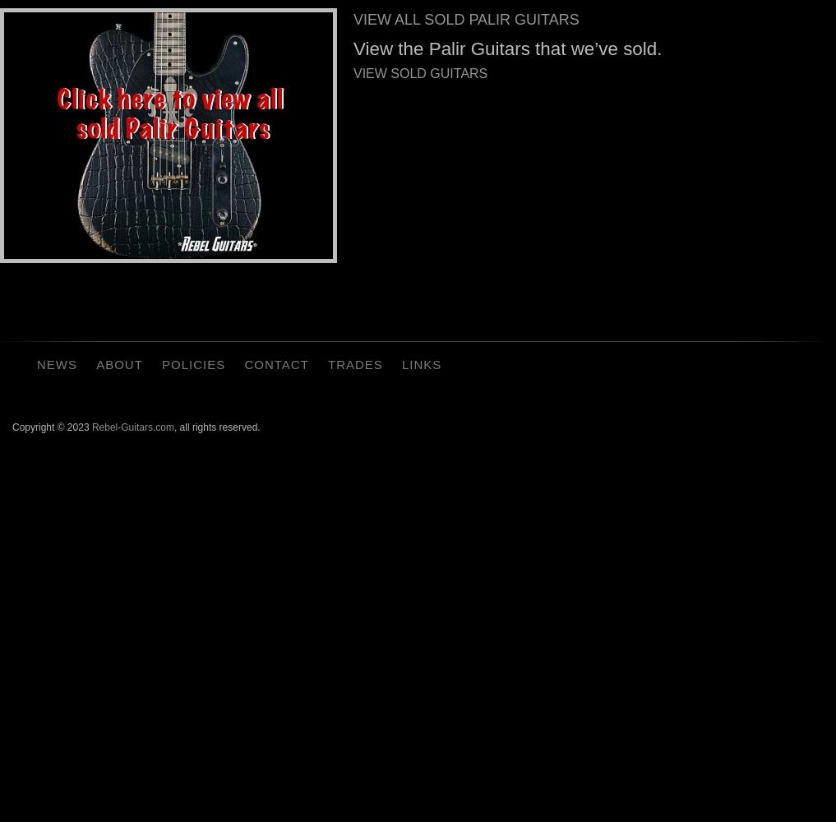 This screenshot has width=836, height=822. Describe the element at coordinates (131, 427) in the screenshot. I see `'Rebel-Guitars.com'` at that location.